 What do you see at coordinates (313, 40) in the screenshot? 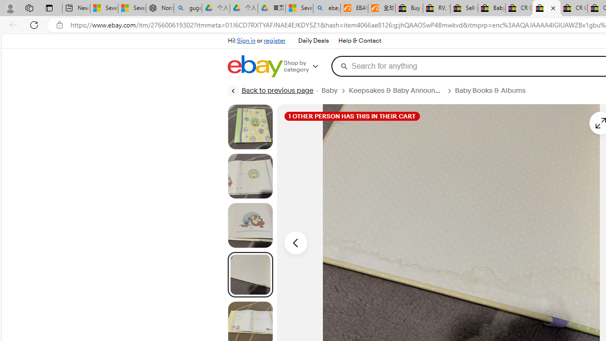
I see `'Daily Deals'` at bounding box center [313, 40].